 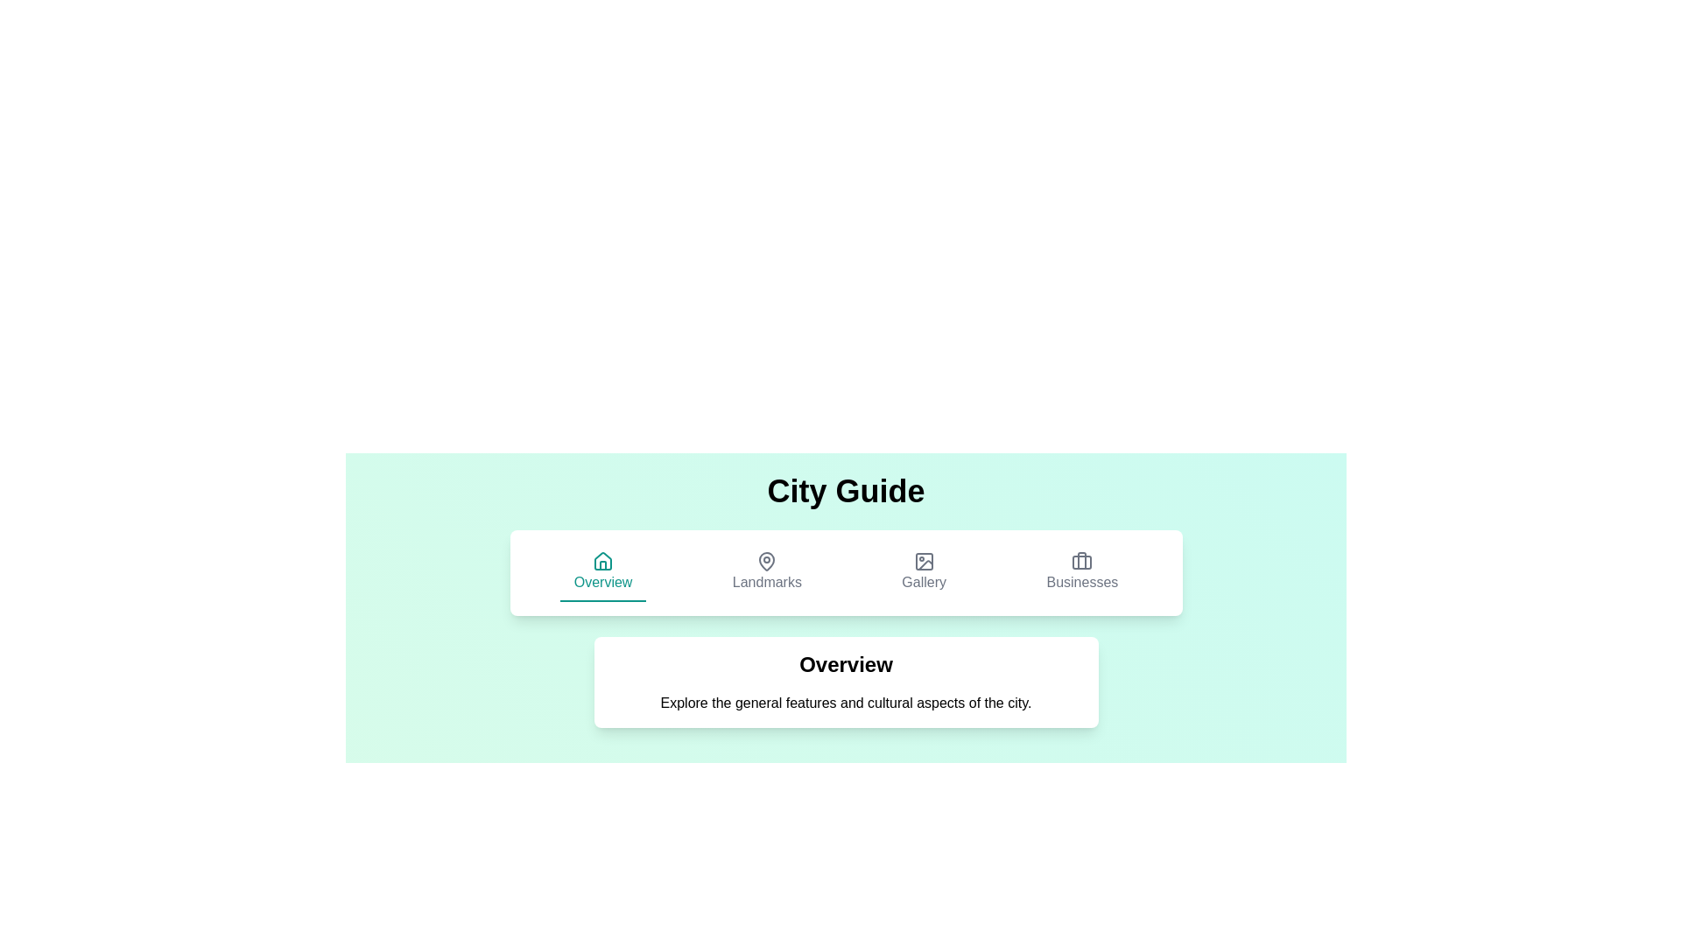 What do you see at coordinates (923, 573) in the screenshot?
I see `the 'Gallery' button in the navigation bar` at bounding box center [923, 573].